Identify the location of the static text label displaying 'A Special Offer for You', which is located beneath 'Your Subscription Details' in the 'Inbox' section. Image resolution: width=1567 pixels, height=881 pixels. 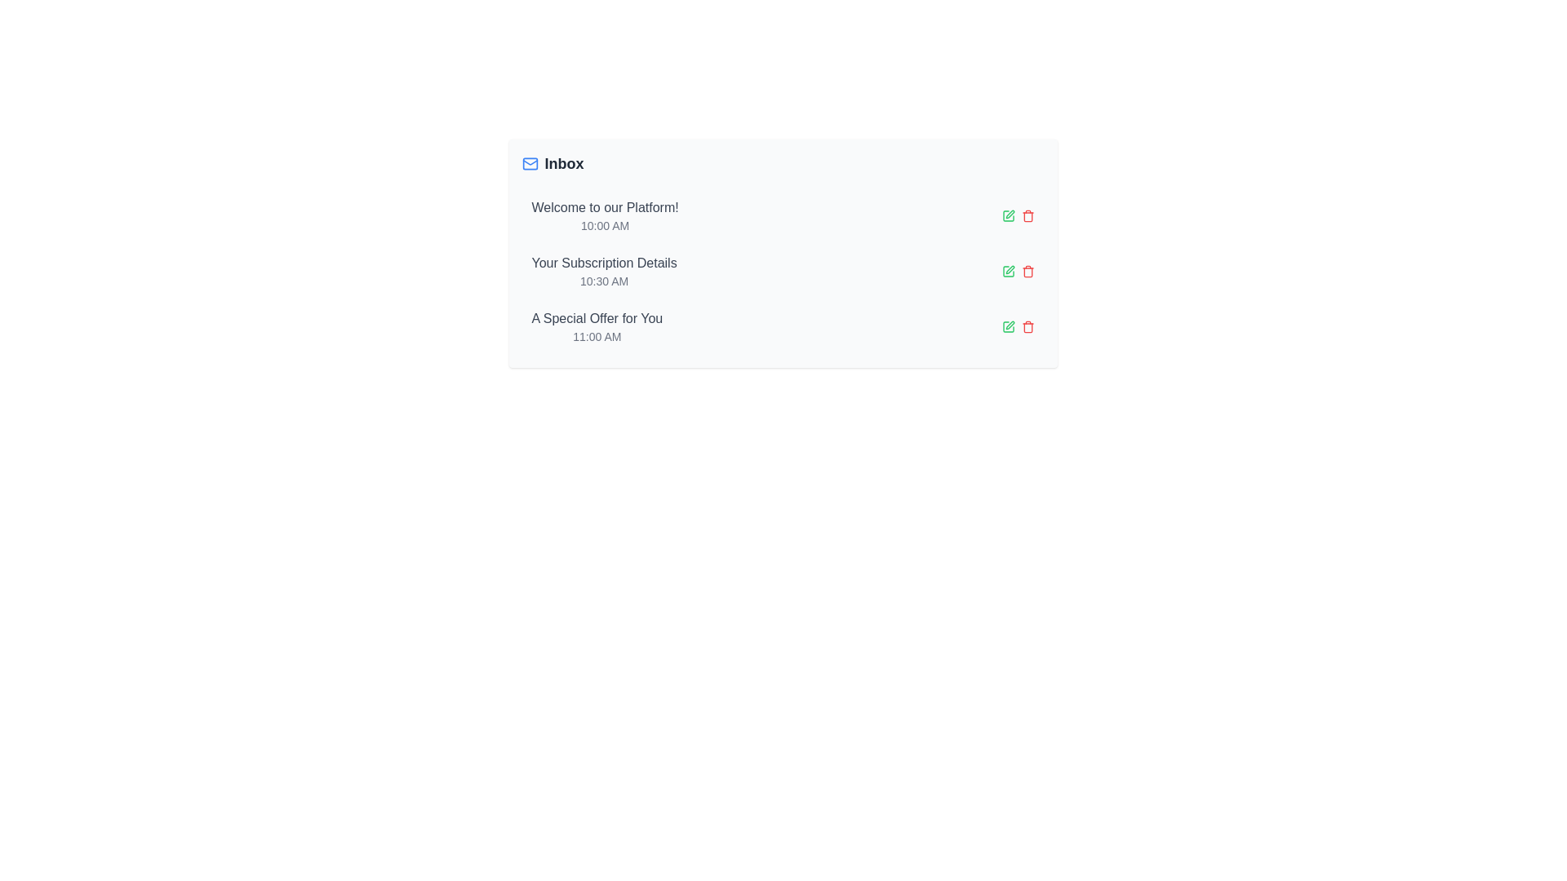
(596, 318).